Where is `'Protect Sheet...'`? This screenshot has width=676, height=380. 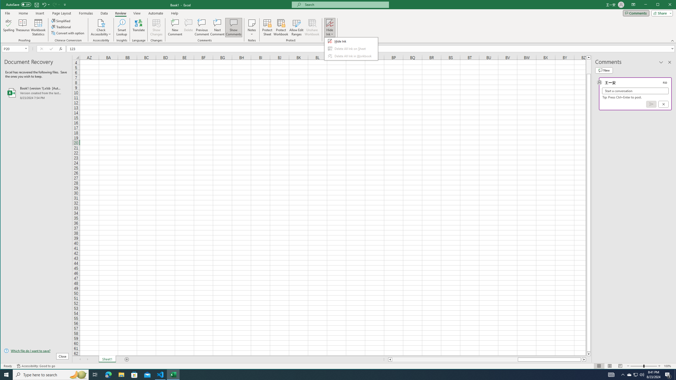
'Protect Sheet...' is located at coordinates (267, 27).